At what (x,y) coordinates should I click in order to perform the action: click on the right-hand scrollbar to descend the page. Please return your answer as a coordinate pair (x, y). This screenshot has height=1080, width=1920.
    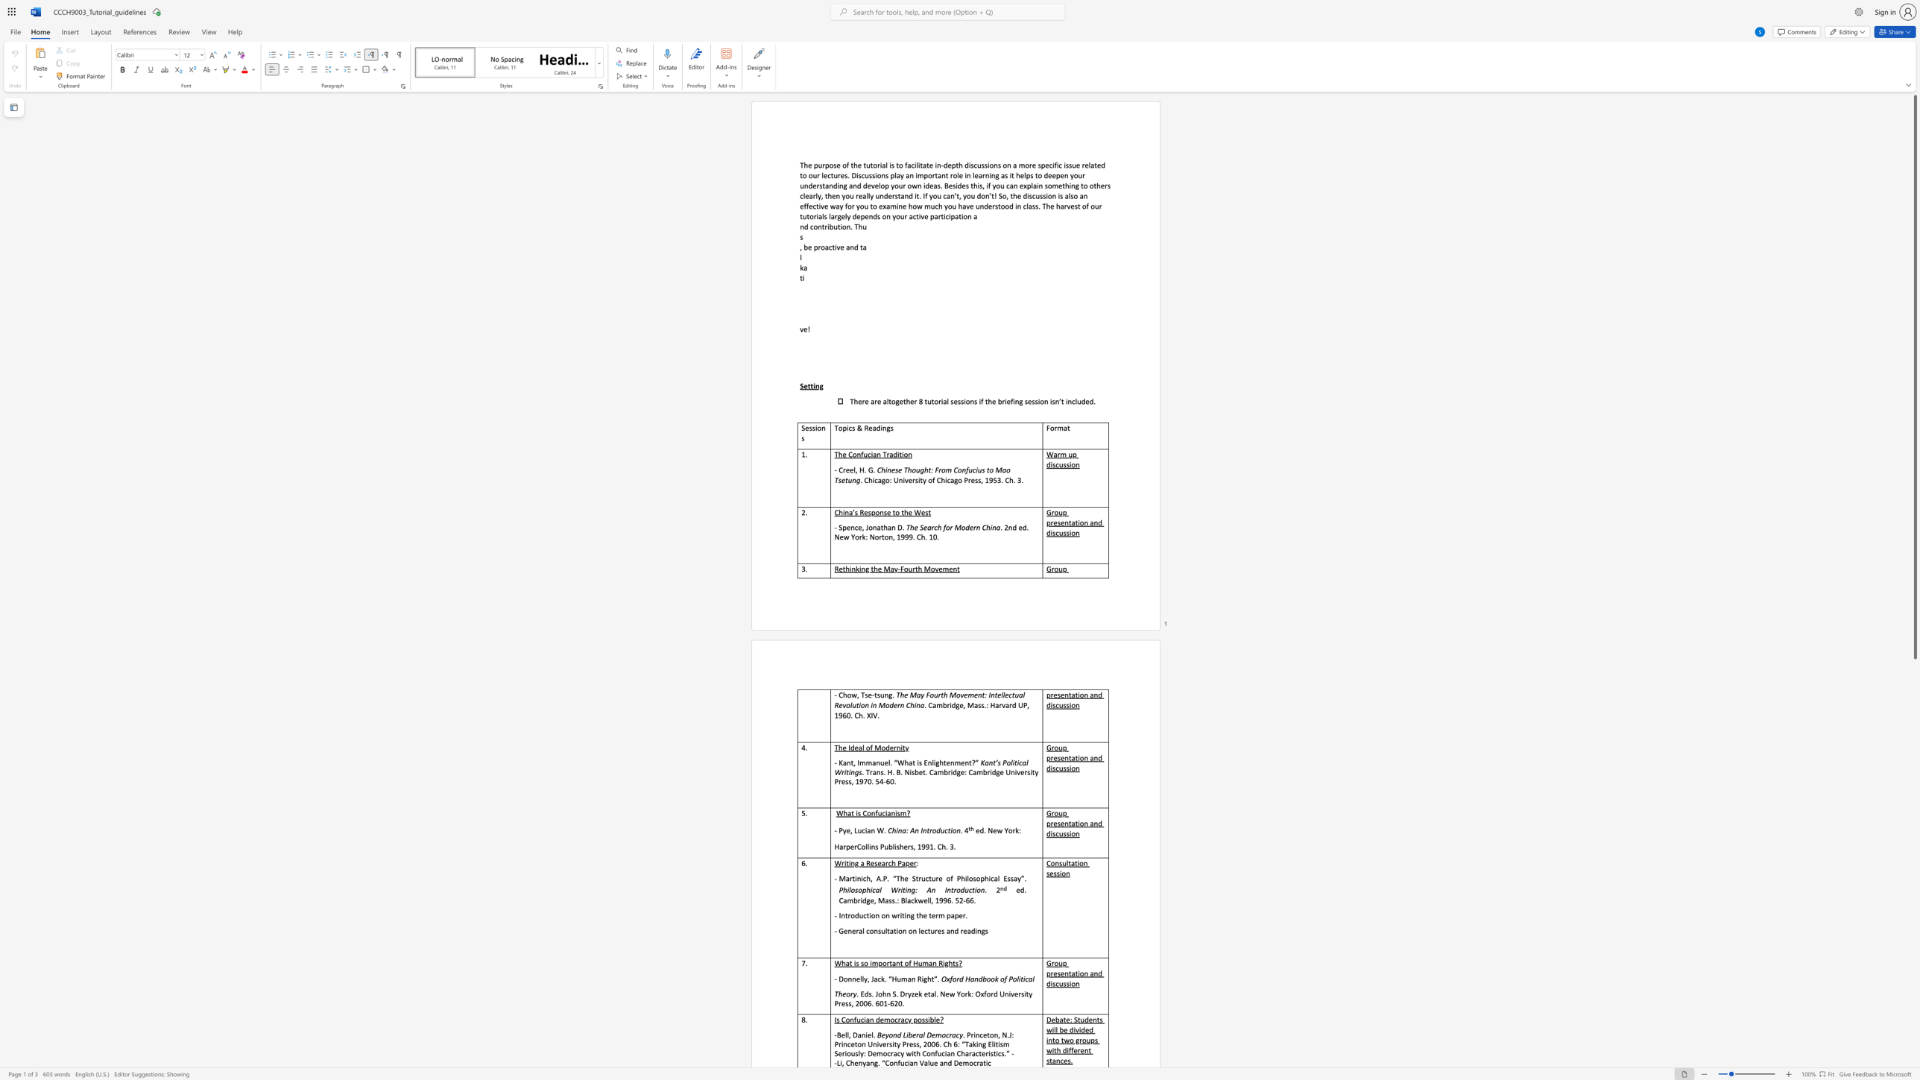
    Looking at the image, I should click on (1914, 905).